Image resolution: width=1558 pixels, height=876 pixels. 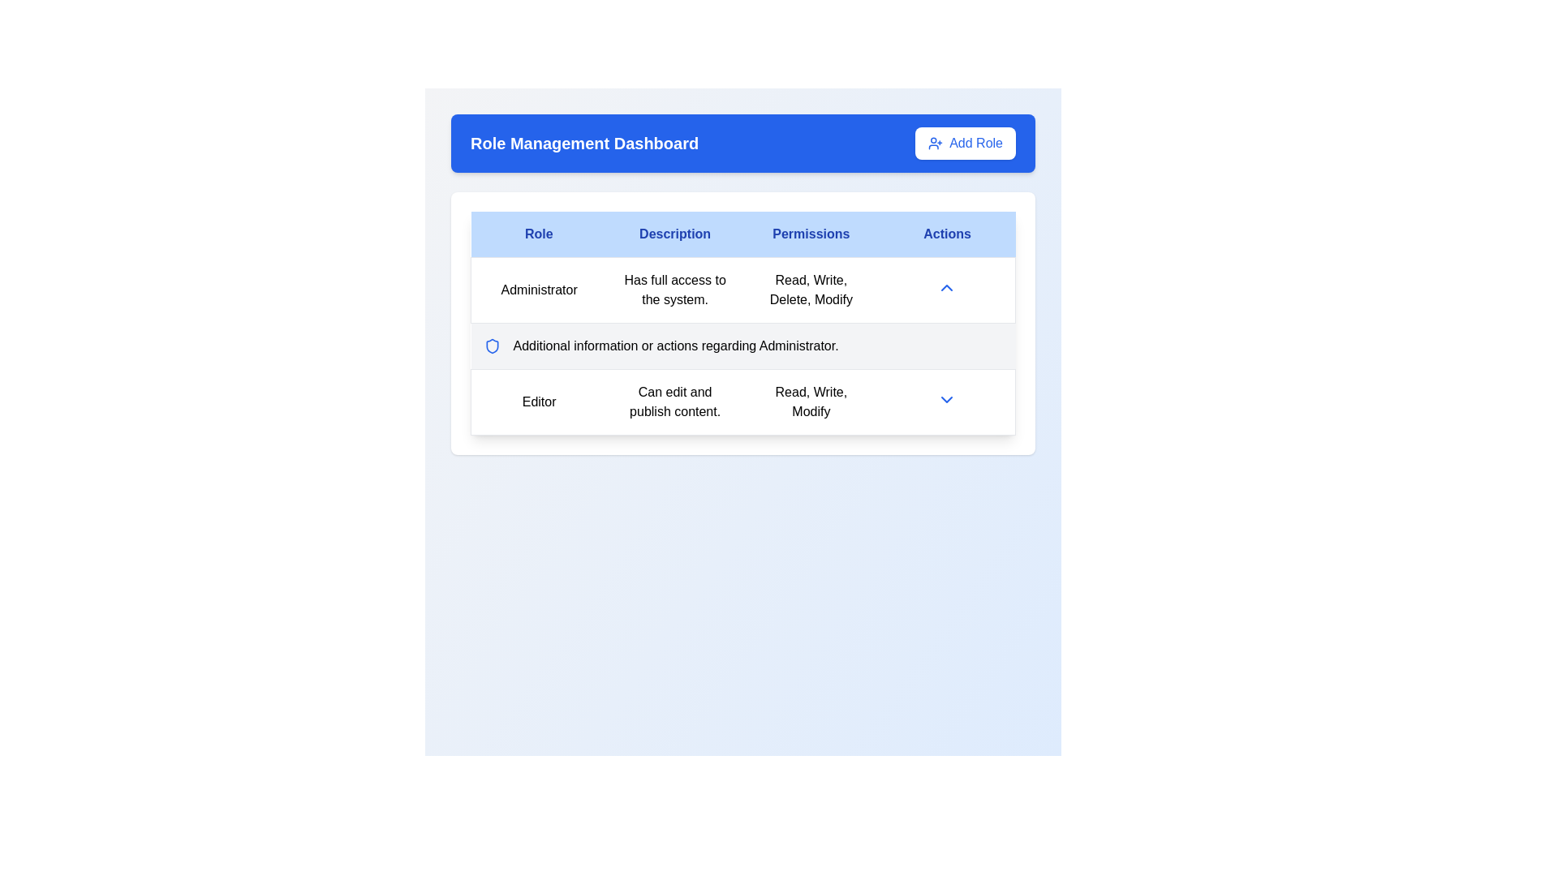 What do you see at coordinates (742, 346) in the screenshot?
I see `informational label containing the text 'Additional information or actions regarding Administrator.' which is located below the main details of the 'Administrator' role in the 'Role Management Dashboard' table` at bounding box center [742, 346].